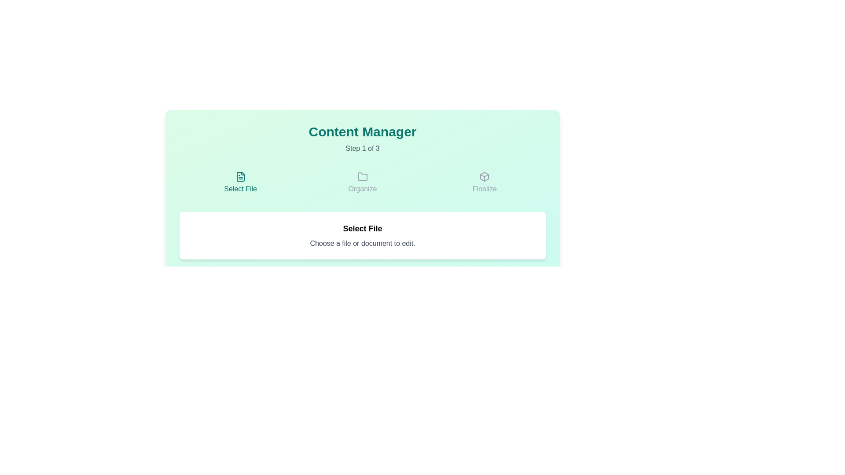 The height and width of the screenshot is (475, 845). I want to click on the text label displaying 'Organize', which is styled in gray and located directly beneath a folder icon, so click(363, 188).